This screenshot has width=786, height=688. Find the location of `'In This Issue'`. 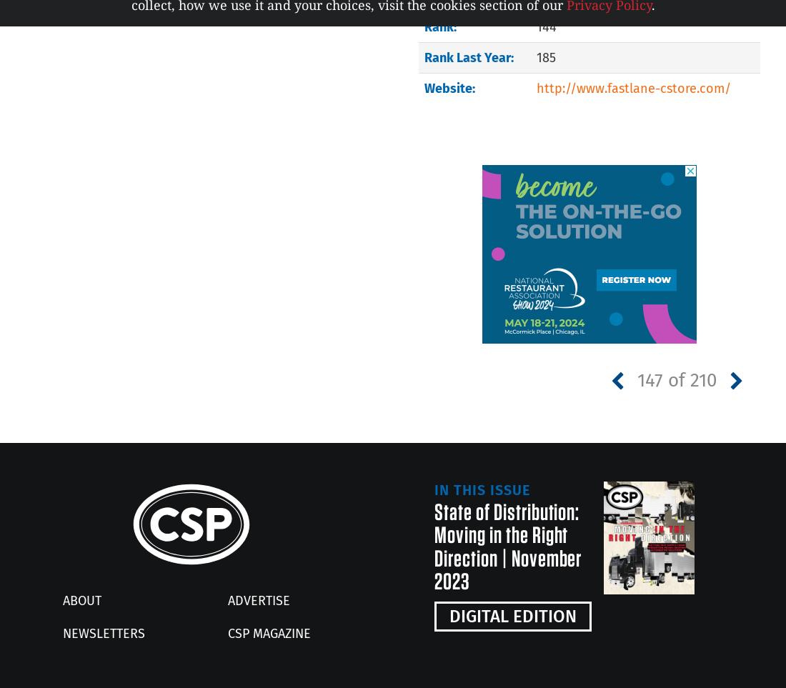

'In This Issue' is located at coordinates (433, 490).